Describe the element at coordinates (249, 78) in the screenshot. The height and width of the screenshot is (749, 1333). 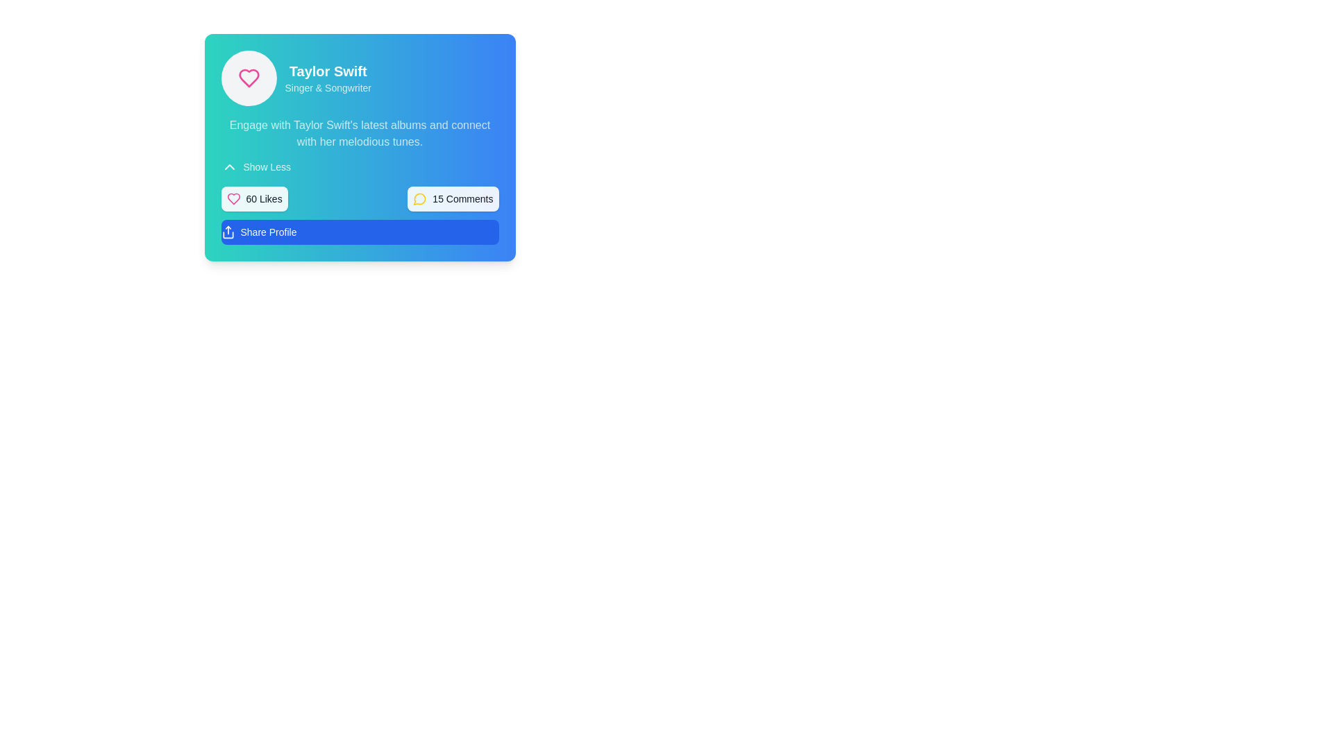
I see `the heart-shaped icon with a pink outline located` at that location.